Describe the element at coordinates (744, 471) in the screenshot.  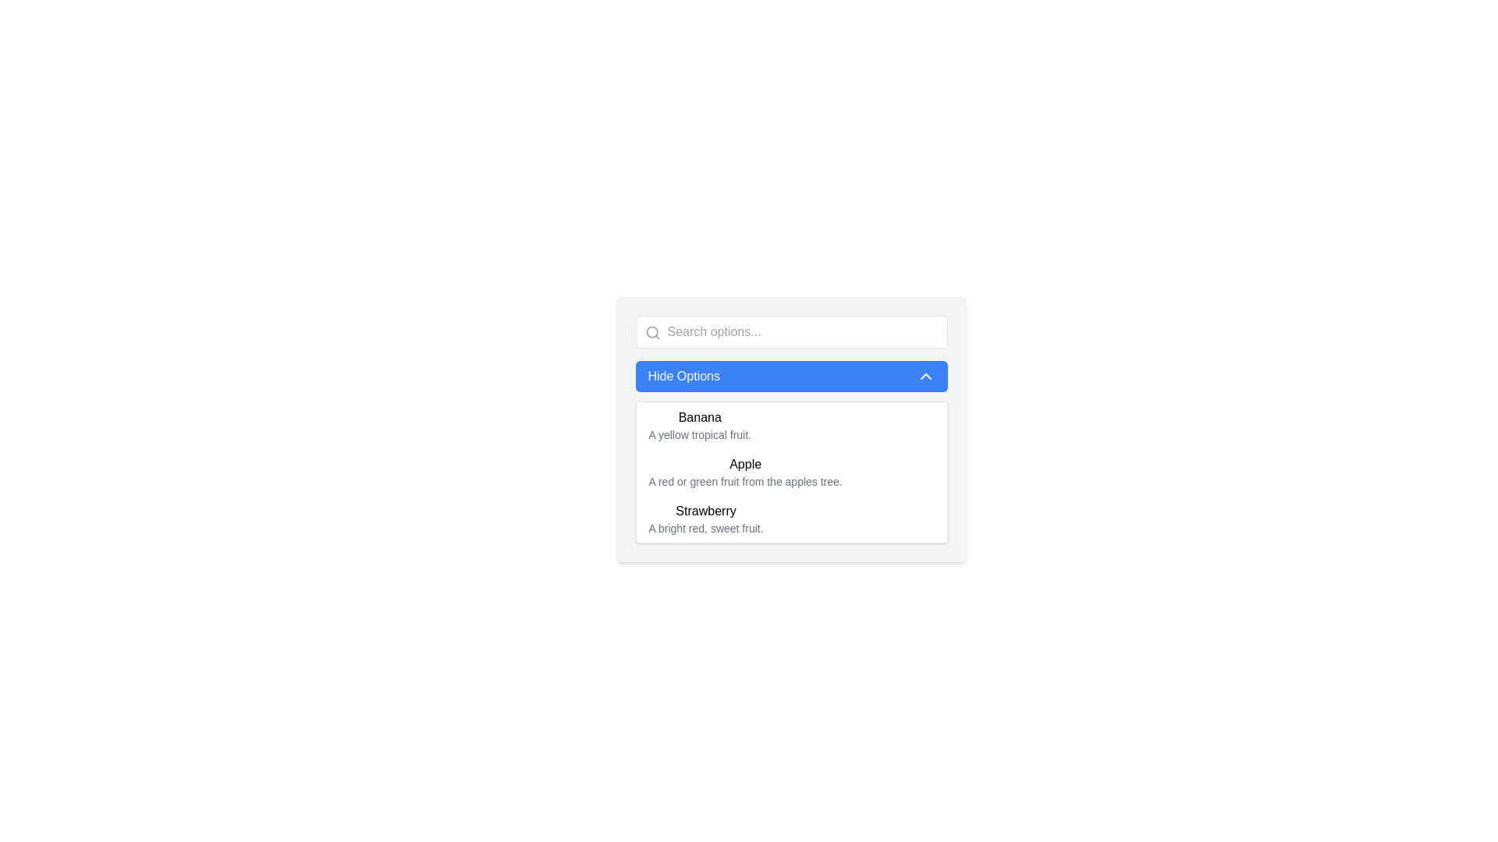
I see `the list item containing the title 'Apple' and its description` at that location.